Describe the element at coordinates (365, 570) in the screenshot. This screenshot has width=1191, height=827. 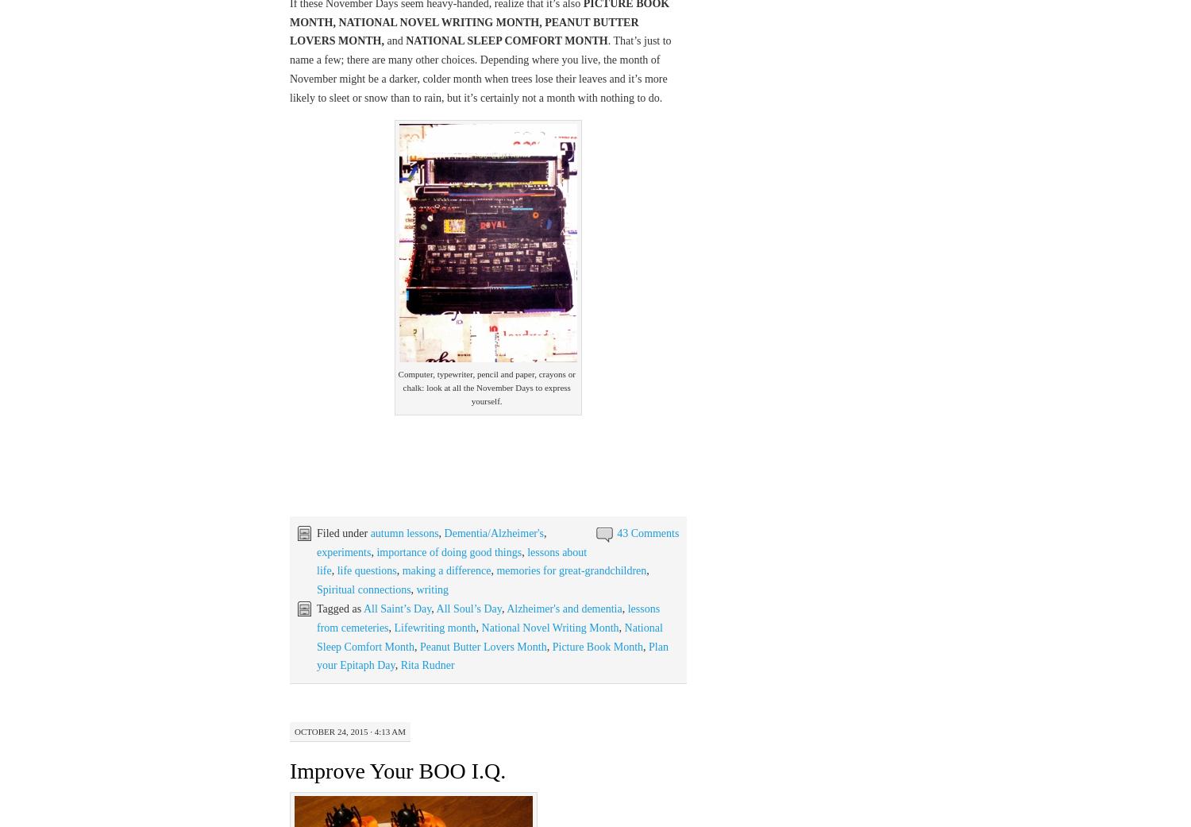
I see `'life questions'` at that location.